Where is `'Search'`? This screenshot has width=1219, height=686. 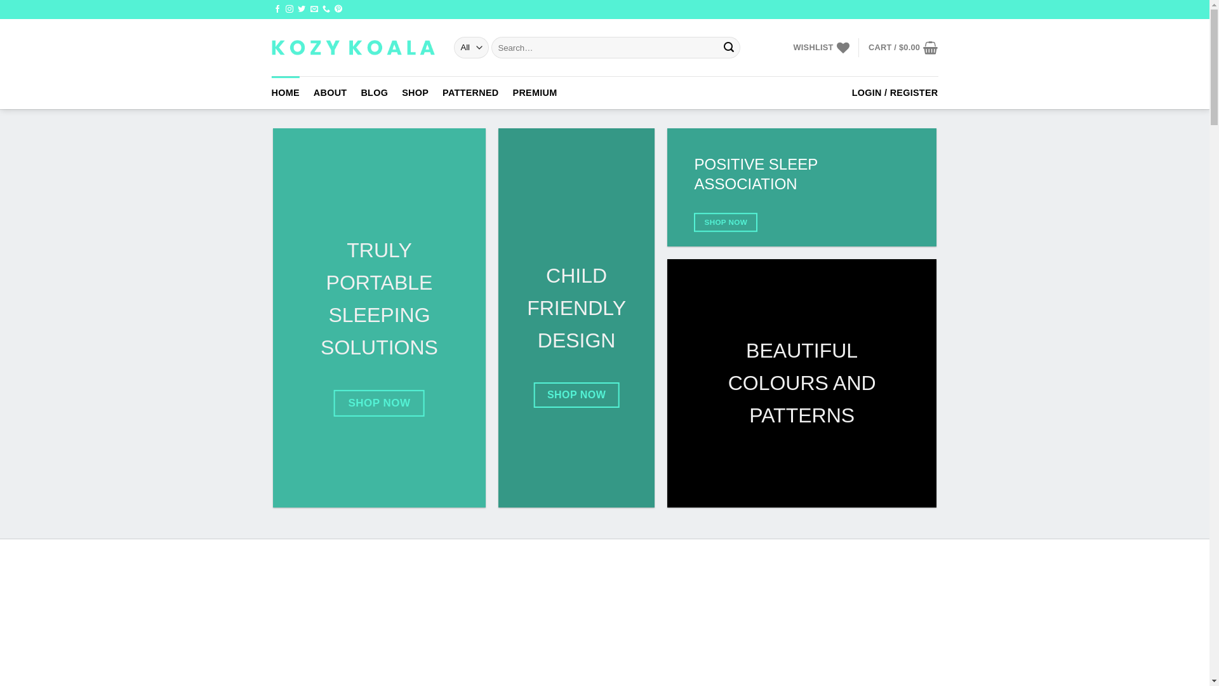
'Search' is located at coordinates (728, 46).